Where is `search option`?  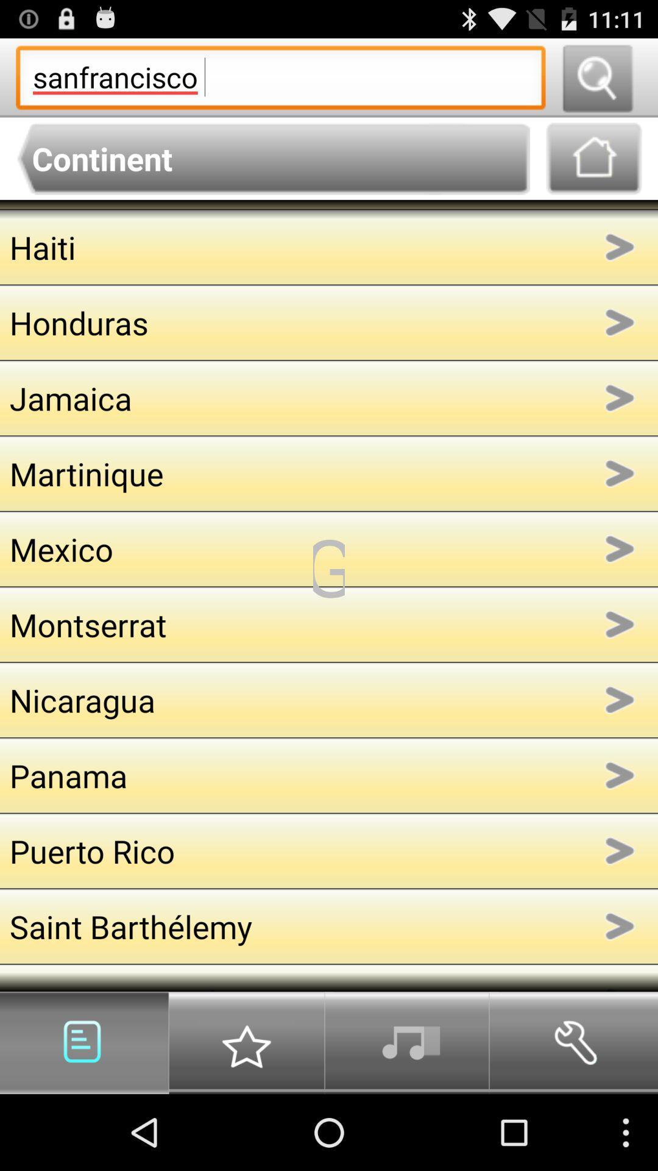 search option is located at coordinates (596, 77).